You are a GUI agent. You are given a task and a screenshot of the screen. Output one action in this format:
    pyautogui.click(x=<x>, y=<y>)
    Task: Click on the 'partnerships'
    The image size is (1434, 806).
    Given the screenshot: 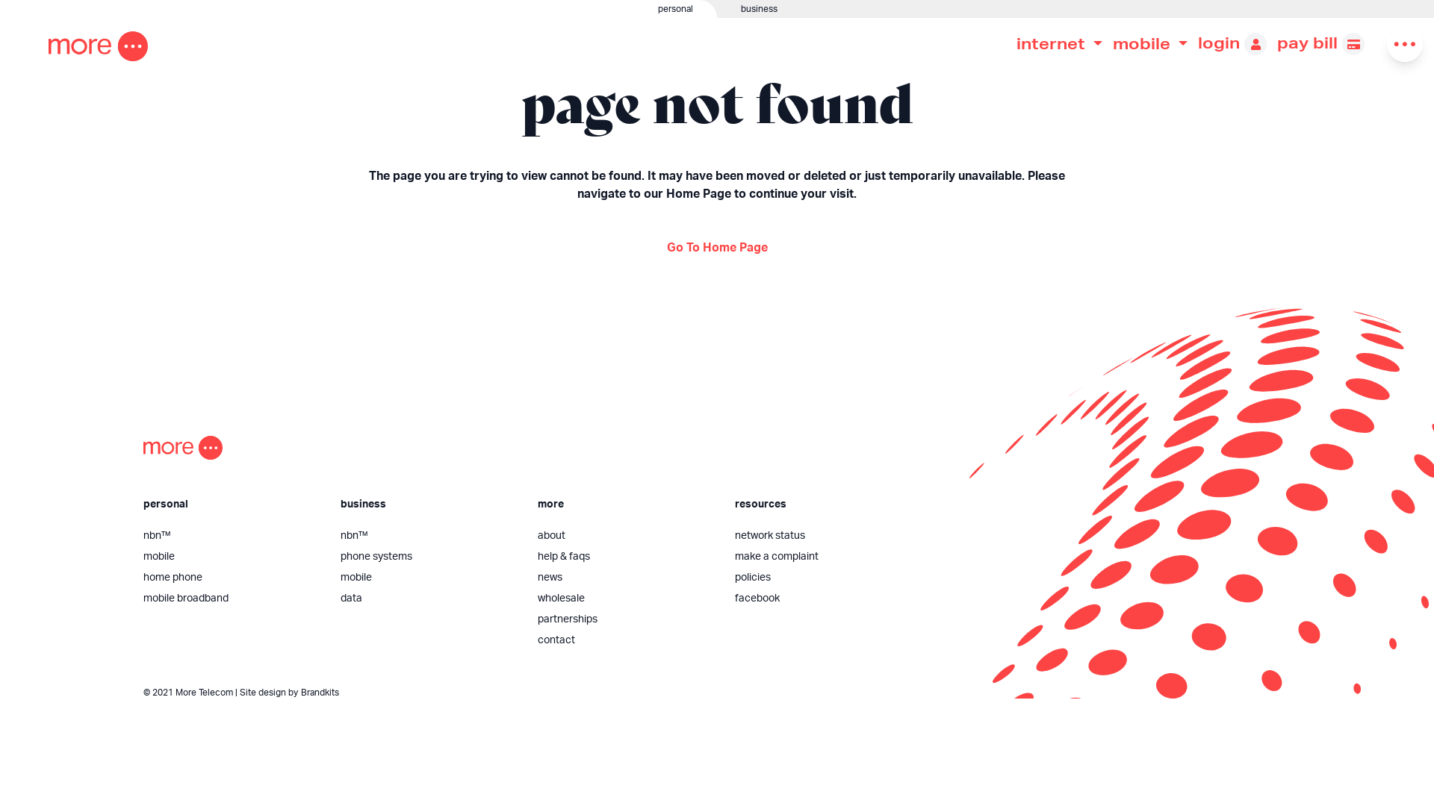 What is the action you would take?
    pyautogui.click(x=624, y=619)
    